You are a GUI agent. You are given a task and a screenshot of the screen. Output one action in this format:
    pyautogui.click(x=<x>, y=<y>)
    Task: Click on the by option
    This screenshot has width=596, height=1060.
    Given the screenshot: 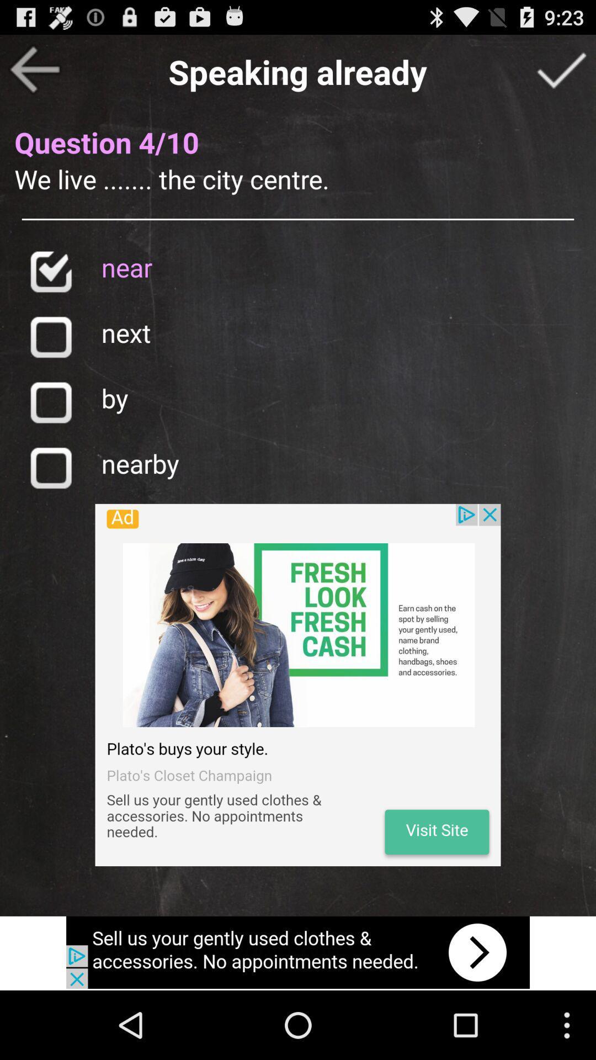 What is the action you would take?
    pyautogui.click(x=50, y=401)
    